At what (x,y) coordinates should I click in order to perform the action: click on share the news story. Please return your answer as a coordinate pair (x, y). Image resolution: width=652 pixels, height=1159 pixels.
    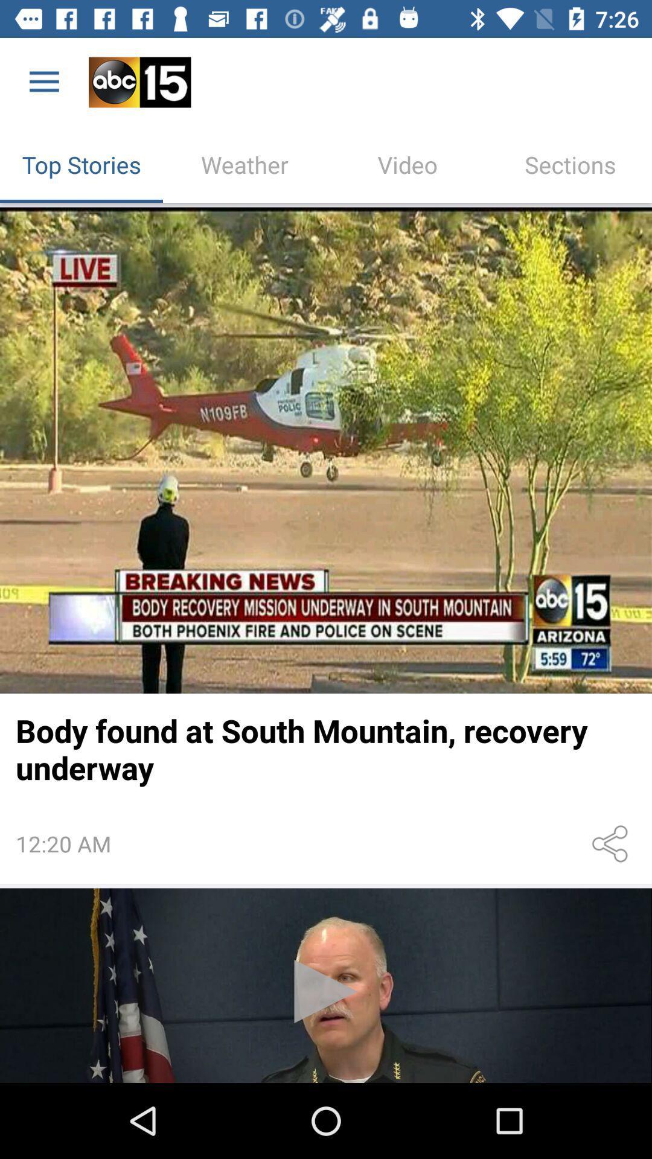
    Looking at the image, I should click on (612, 843).